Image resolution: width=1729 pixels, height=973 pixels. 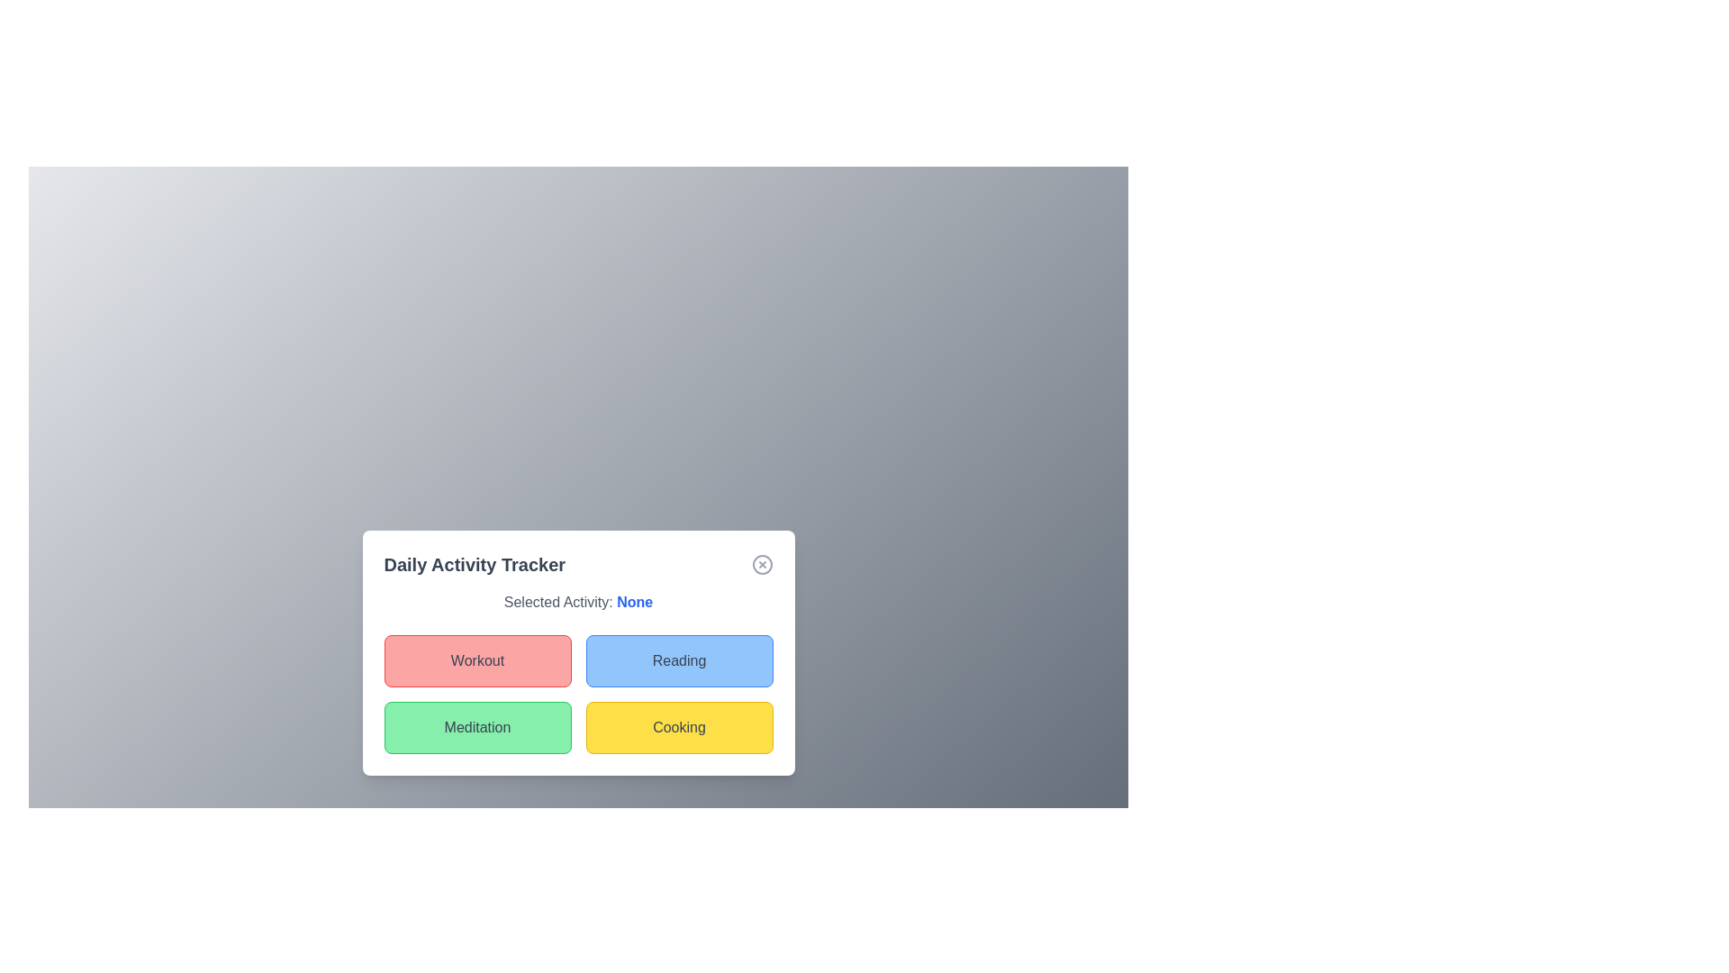 What do you see at coordinates (678, 660) in the screenshot?
I see `the activity Reading by clicking on the respective button` at bounding box center [678, 660].